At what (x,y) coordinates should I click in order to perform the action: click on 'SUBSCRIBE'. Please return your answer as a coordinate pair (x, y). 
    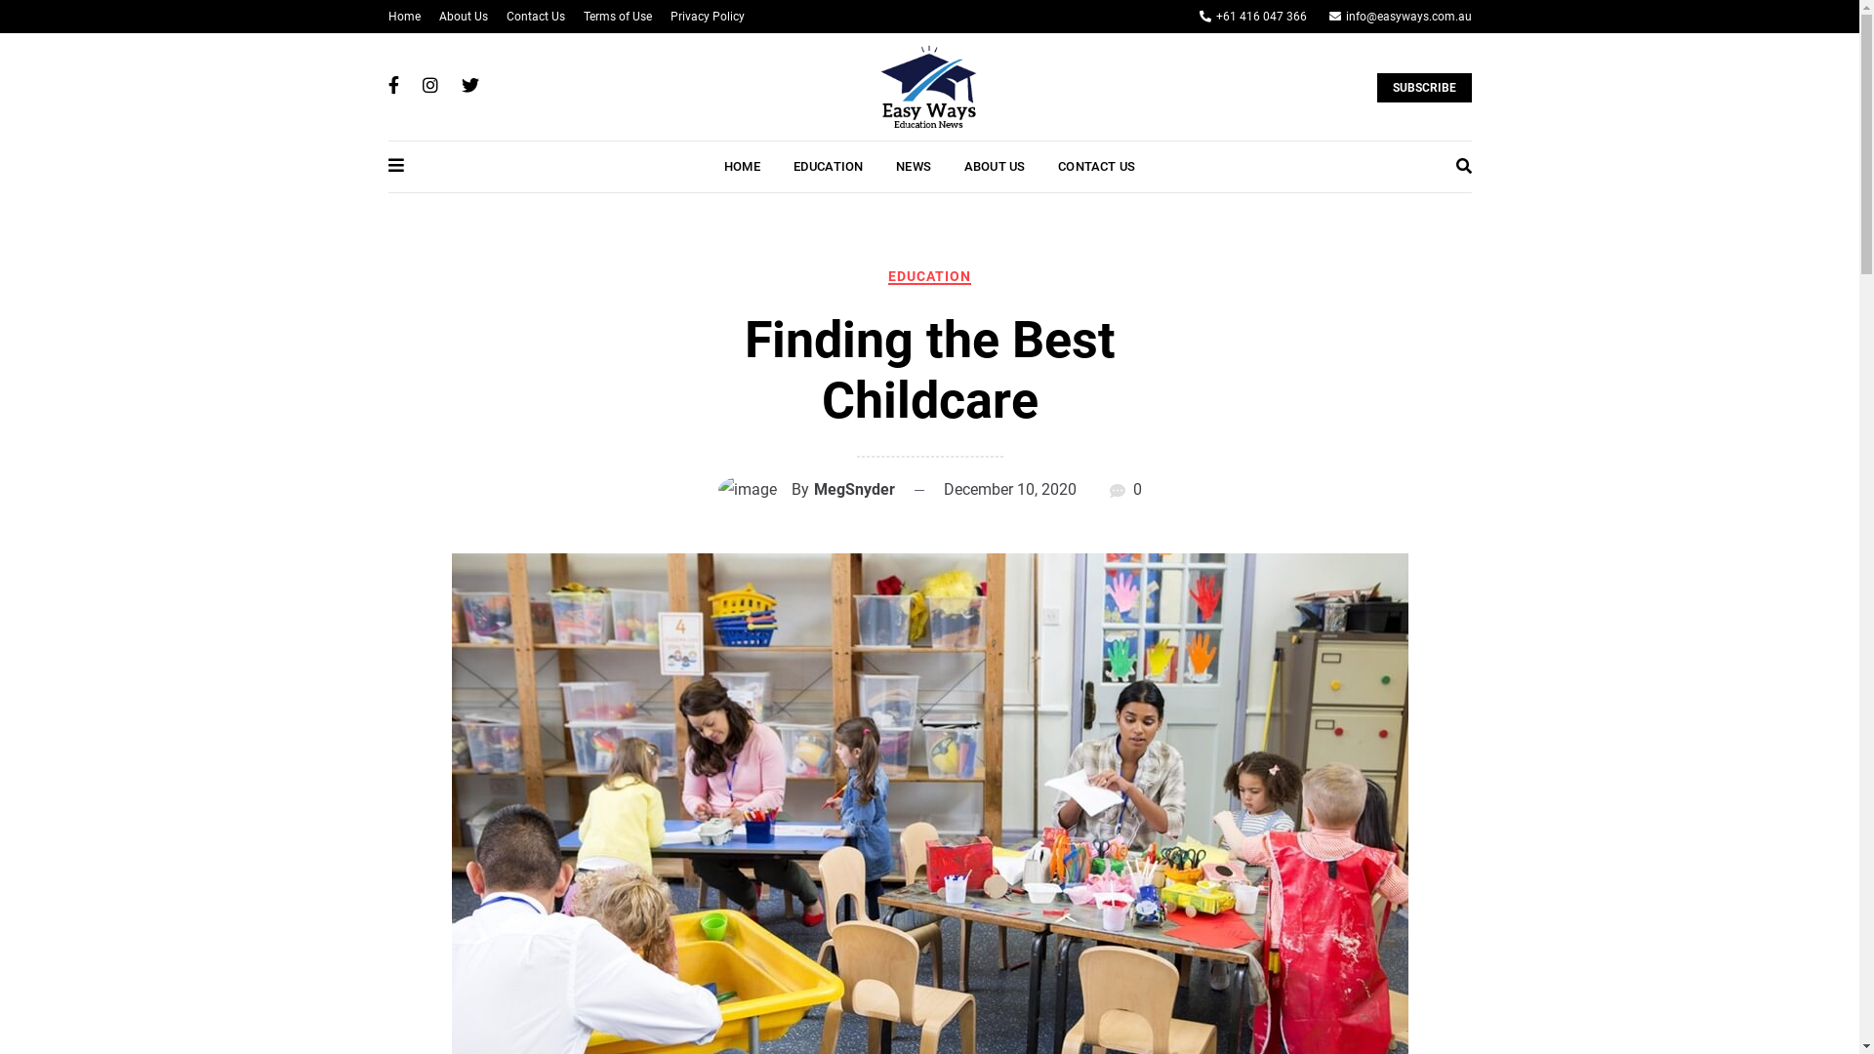
    Looking at the image, I should click on (1375, 86).